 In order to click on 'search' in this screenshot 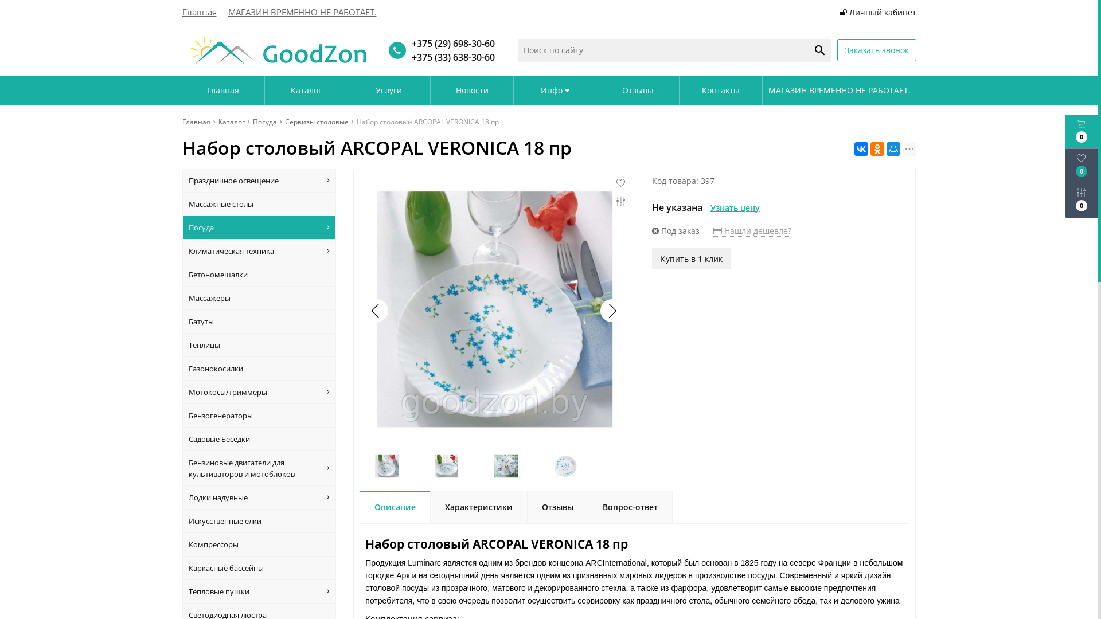, I will do `click(808, 50)`.